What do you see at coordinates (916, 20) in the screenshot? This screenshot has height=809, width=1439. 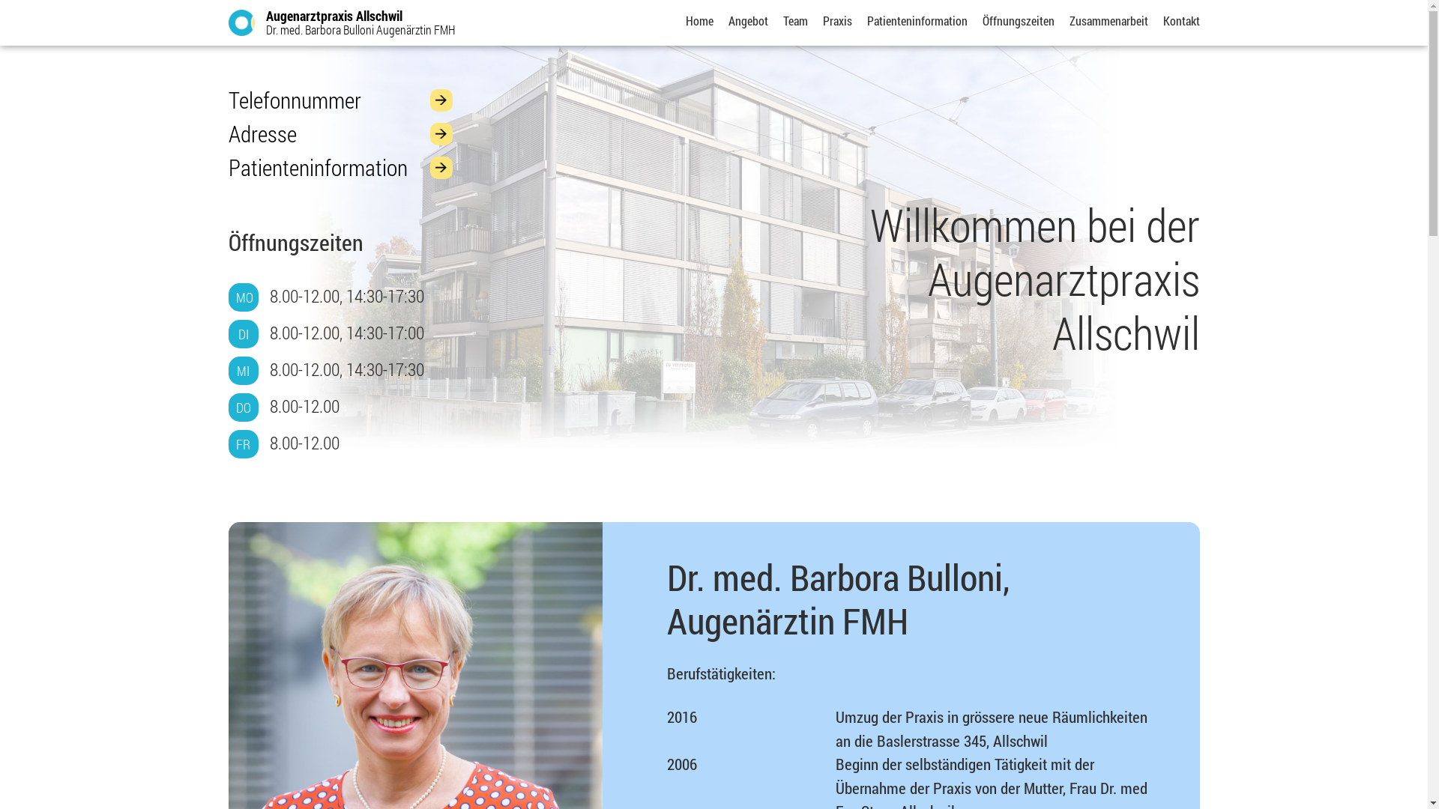 I see `'Patienteninformation'` at bounding box center [916, 20].